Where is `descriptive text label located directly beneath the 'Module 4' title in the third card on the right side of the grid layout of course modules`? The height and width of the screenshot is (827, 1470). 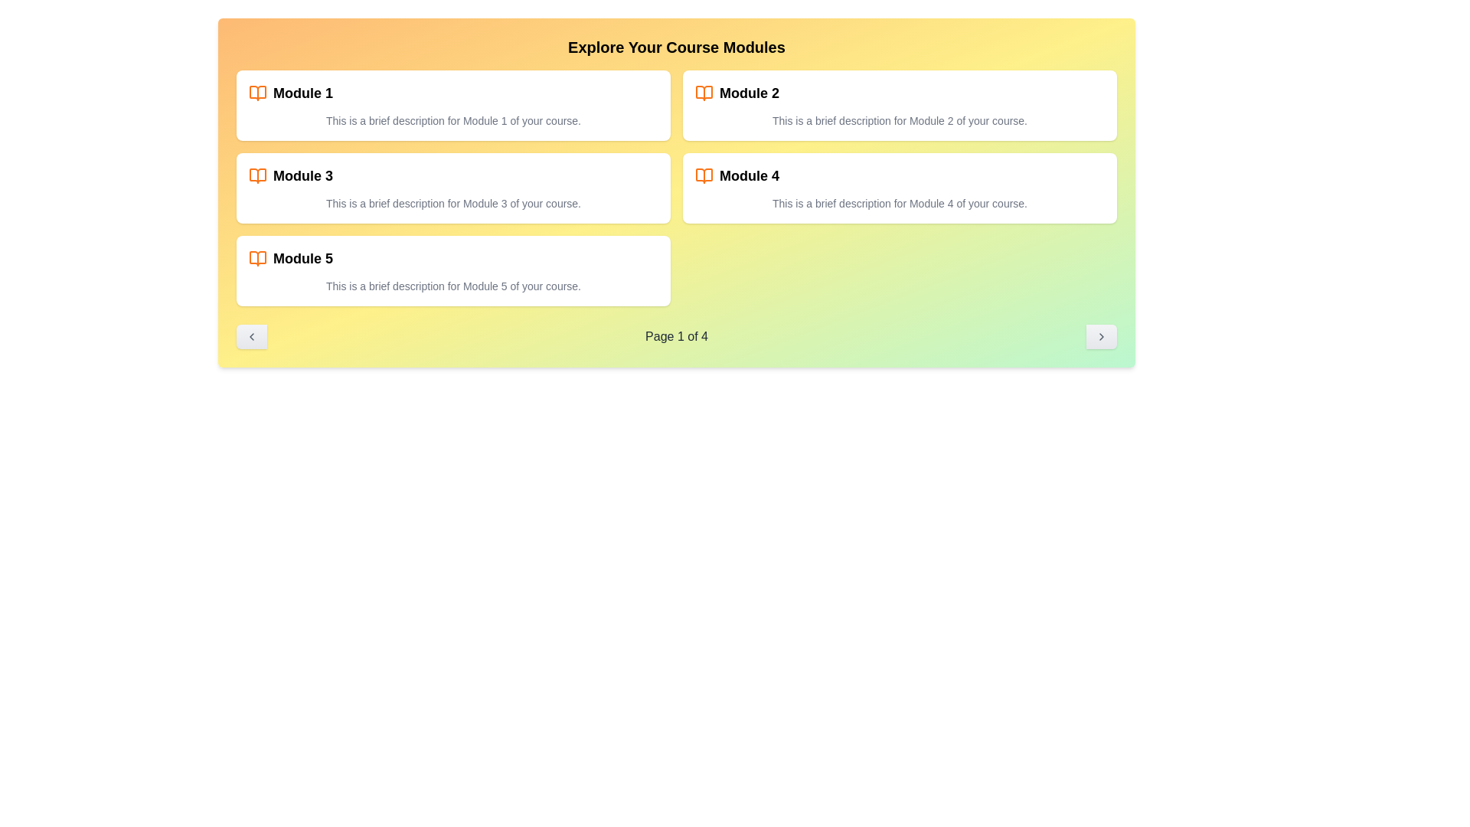
descriptive text label located directly beneath the 'Module 4' title in the third card on the right side of the grid layout of course modules is located at coordinates (900, 203).